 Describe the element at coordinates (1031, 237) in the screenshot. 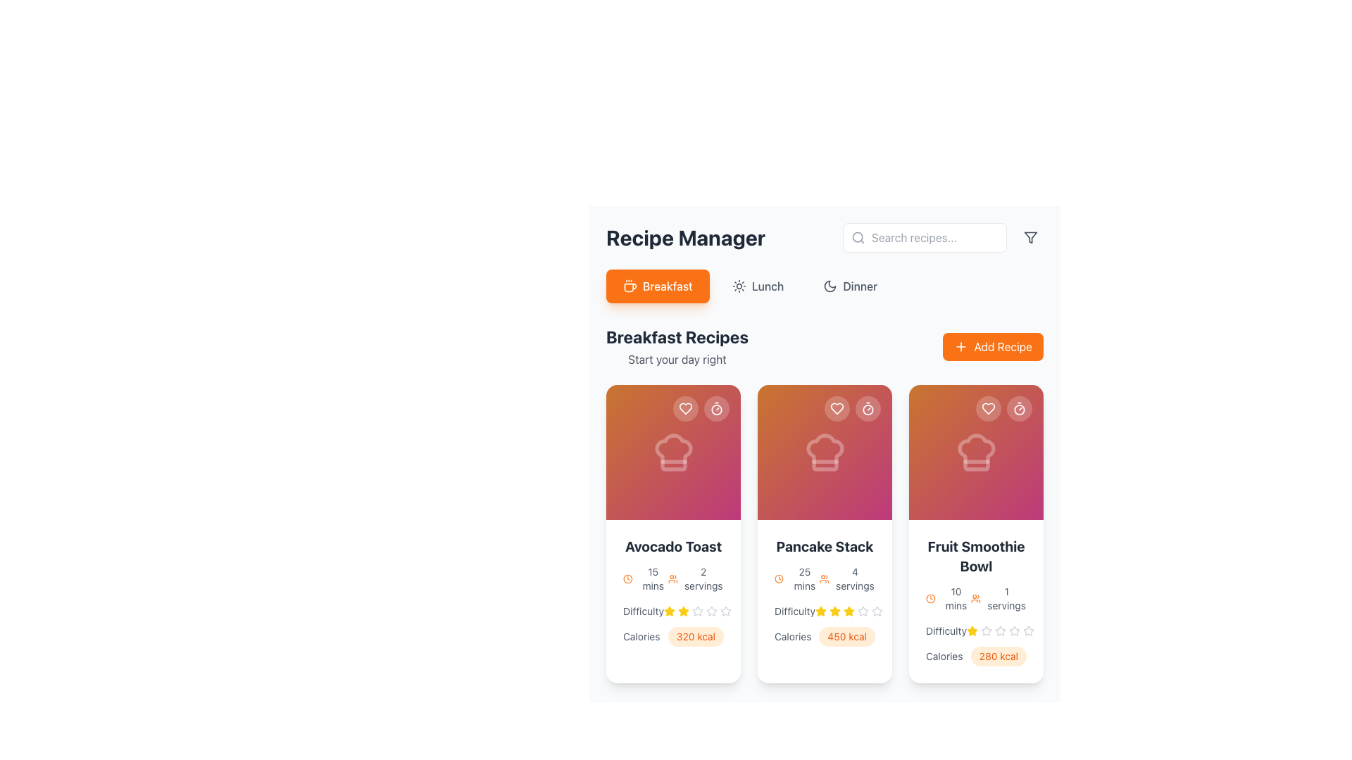

I see `the filtering icon located in the top-right corner of the layout, to the immediate right of the search field` at that location.